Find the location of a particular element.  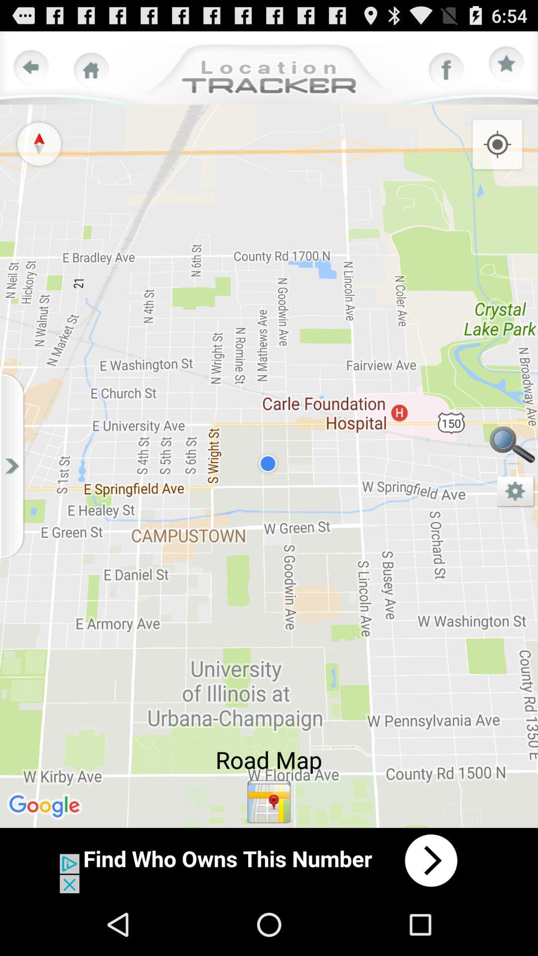

the home icon is located at coordinates (91, 75).